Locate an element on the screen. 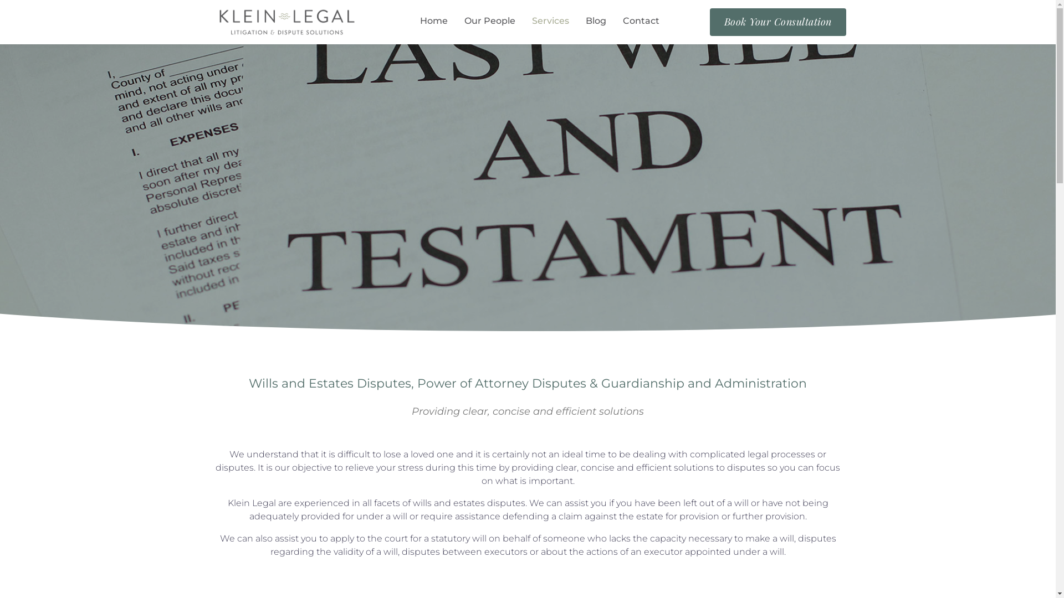 Image resolution: width=1064 pixels, height=598 pixels. 'Contact' is located at coordinates (622, 22).